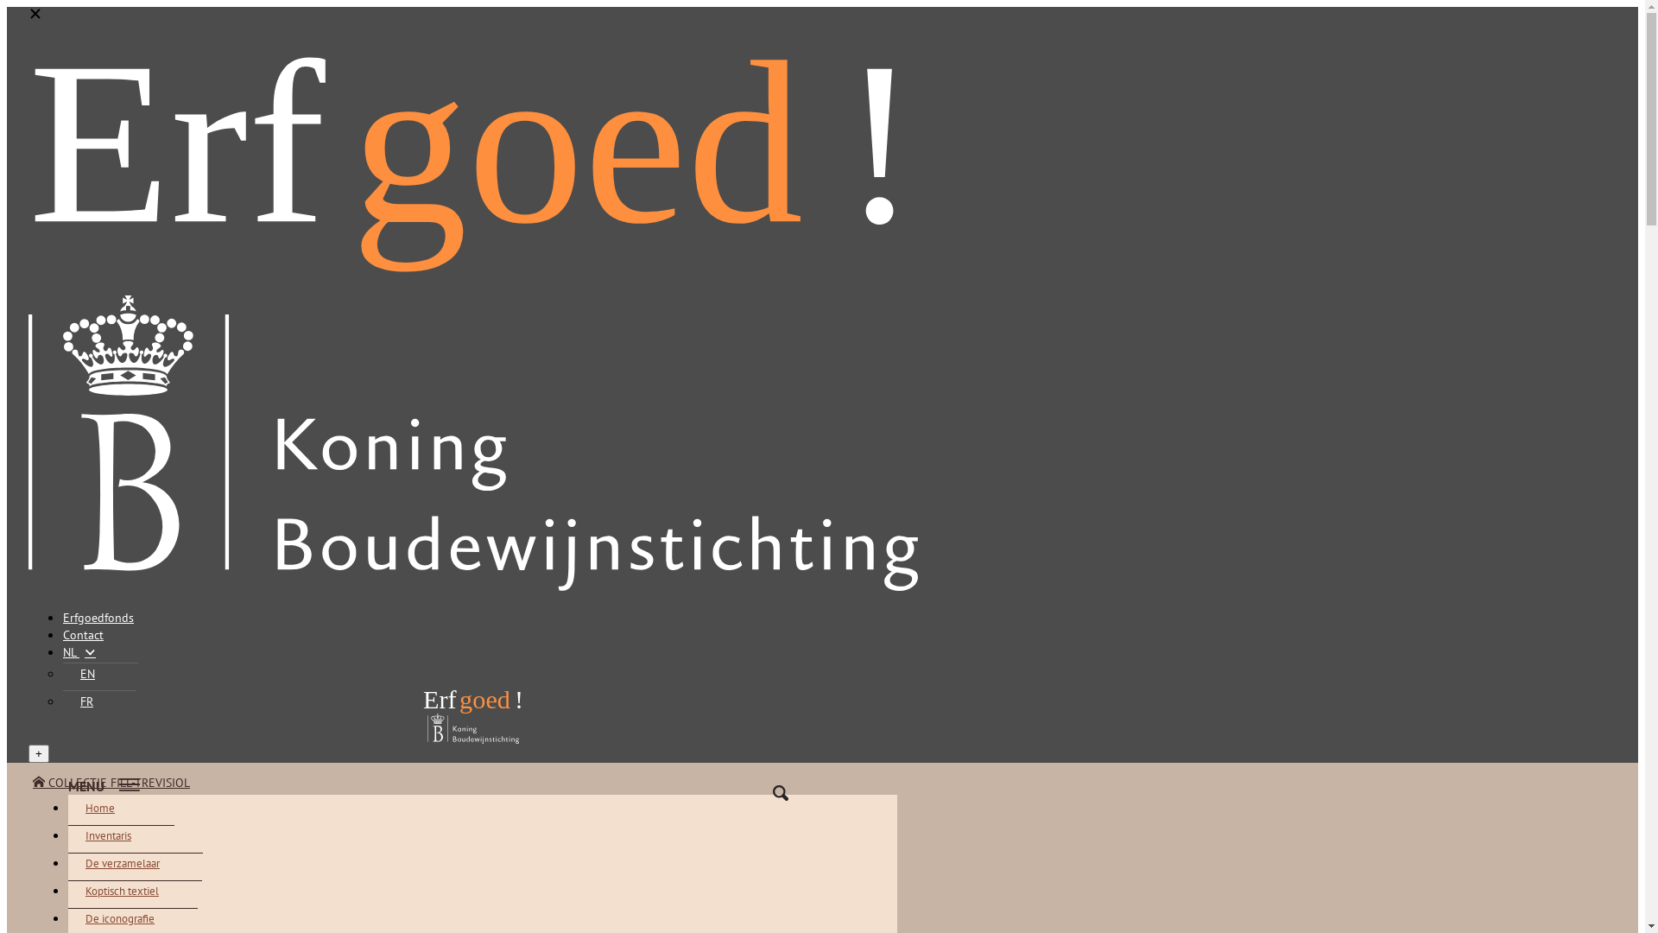 This screenshot has width=1658, height=933. Describe the element at coordinates (98, 701) in the screenshot. I see `'FR'` at that location.